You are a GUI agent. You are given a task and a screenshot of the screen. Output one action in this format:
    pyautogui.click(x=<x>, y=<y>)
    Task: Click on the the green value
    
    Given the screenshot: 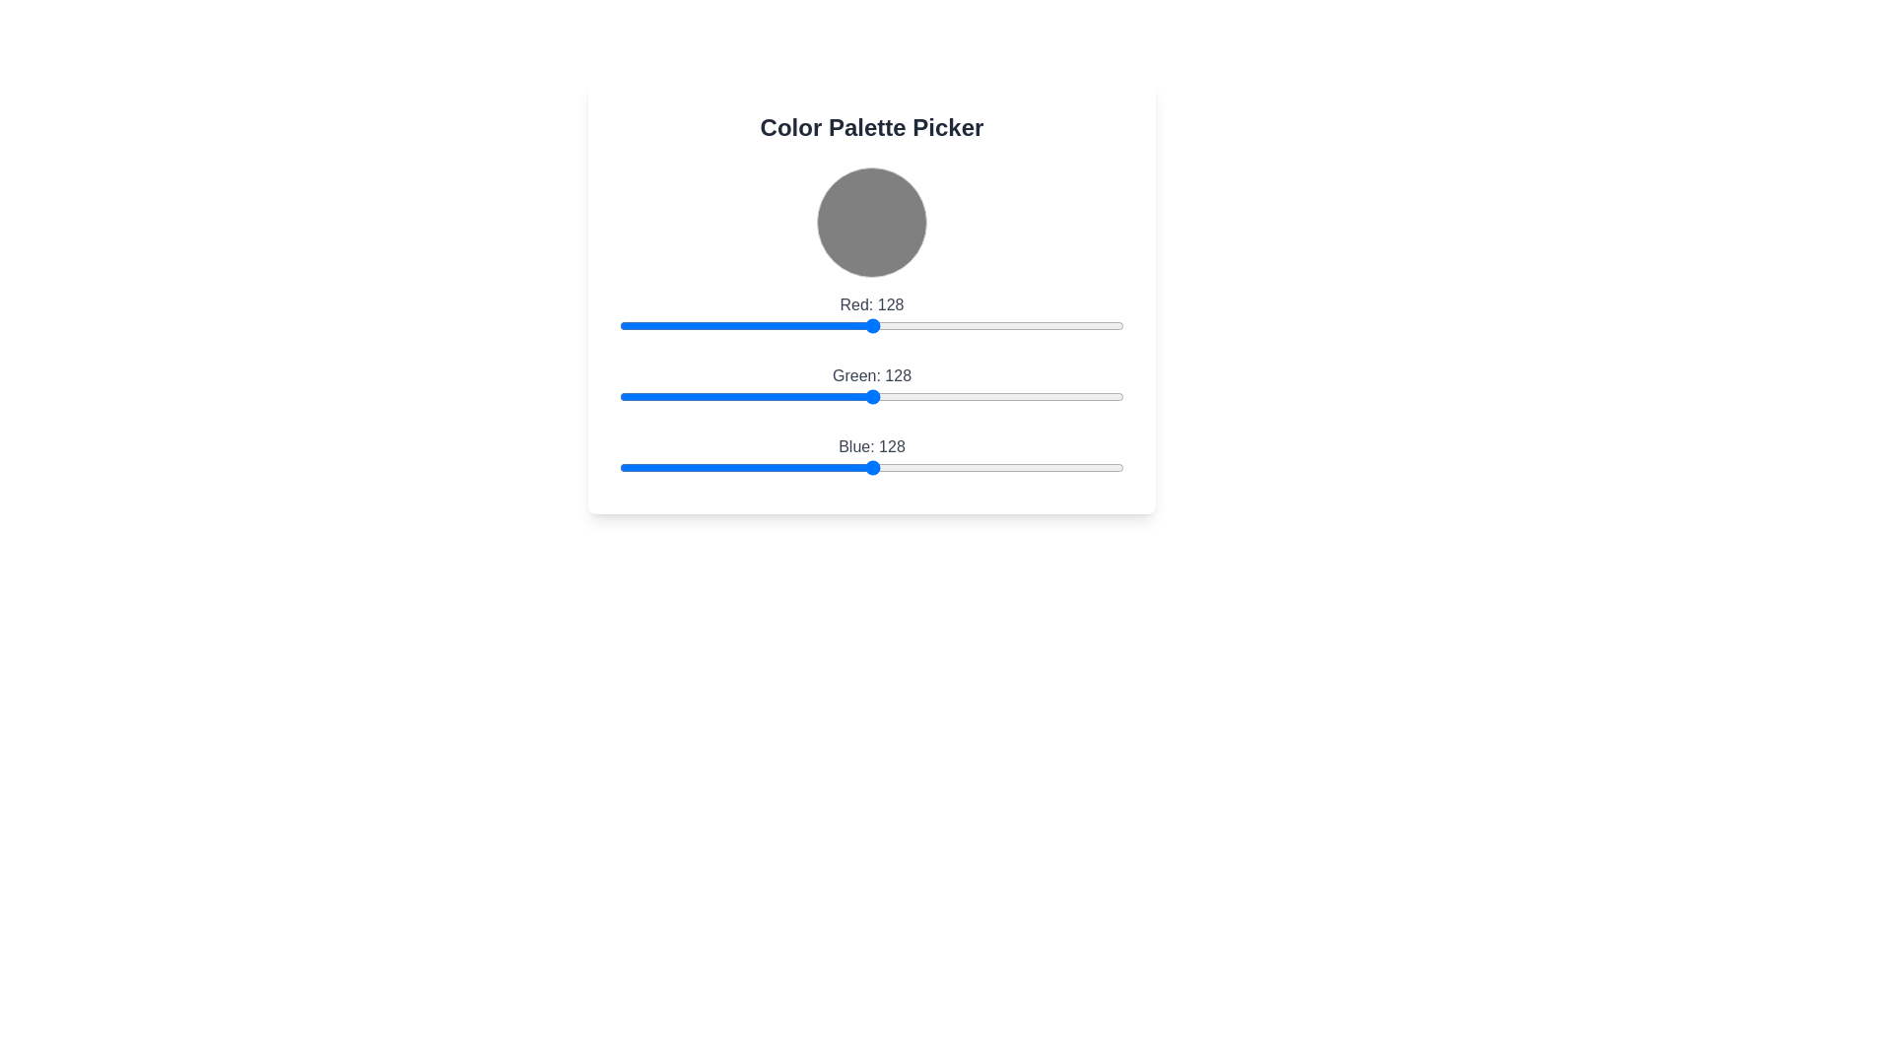 What is the action you would take?
    pyautogui.click(x=1005, y=396)
    